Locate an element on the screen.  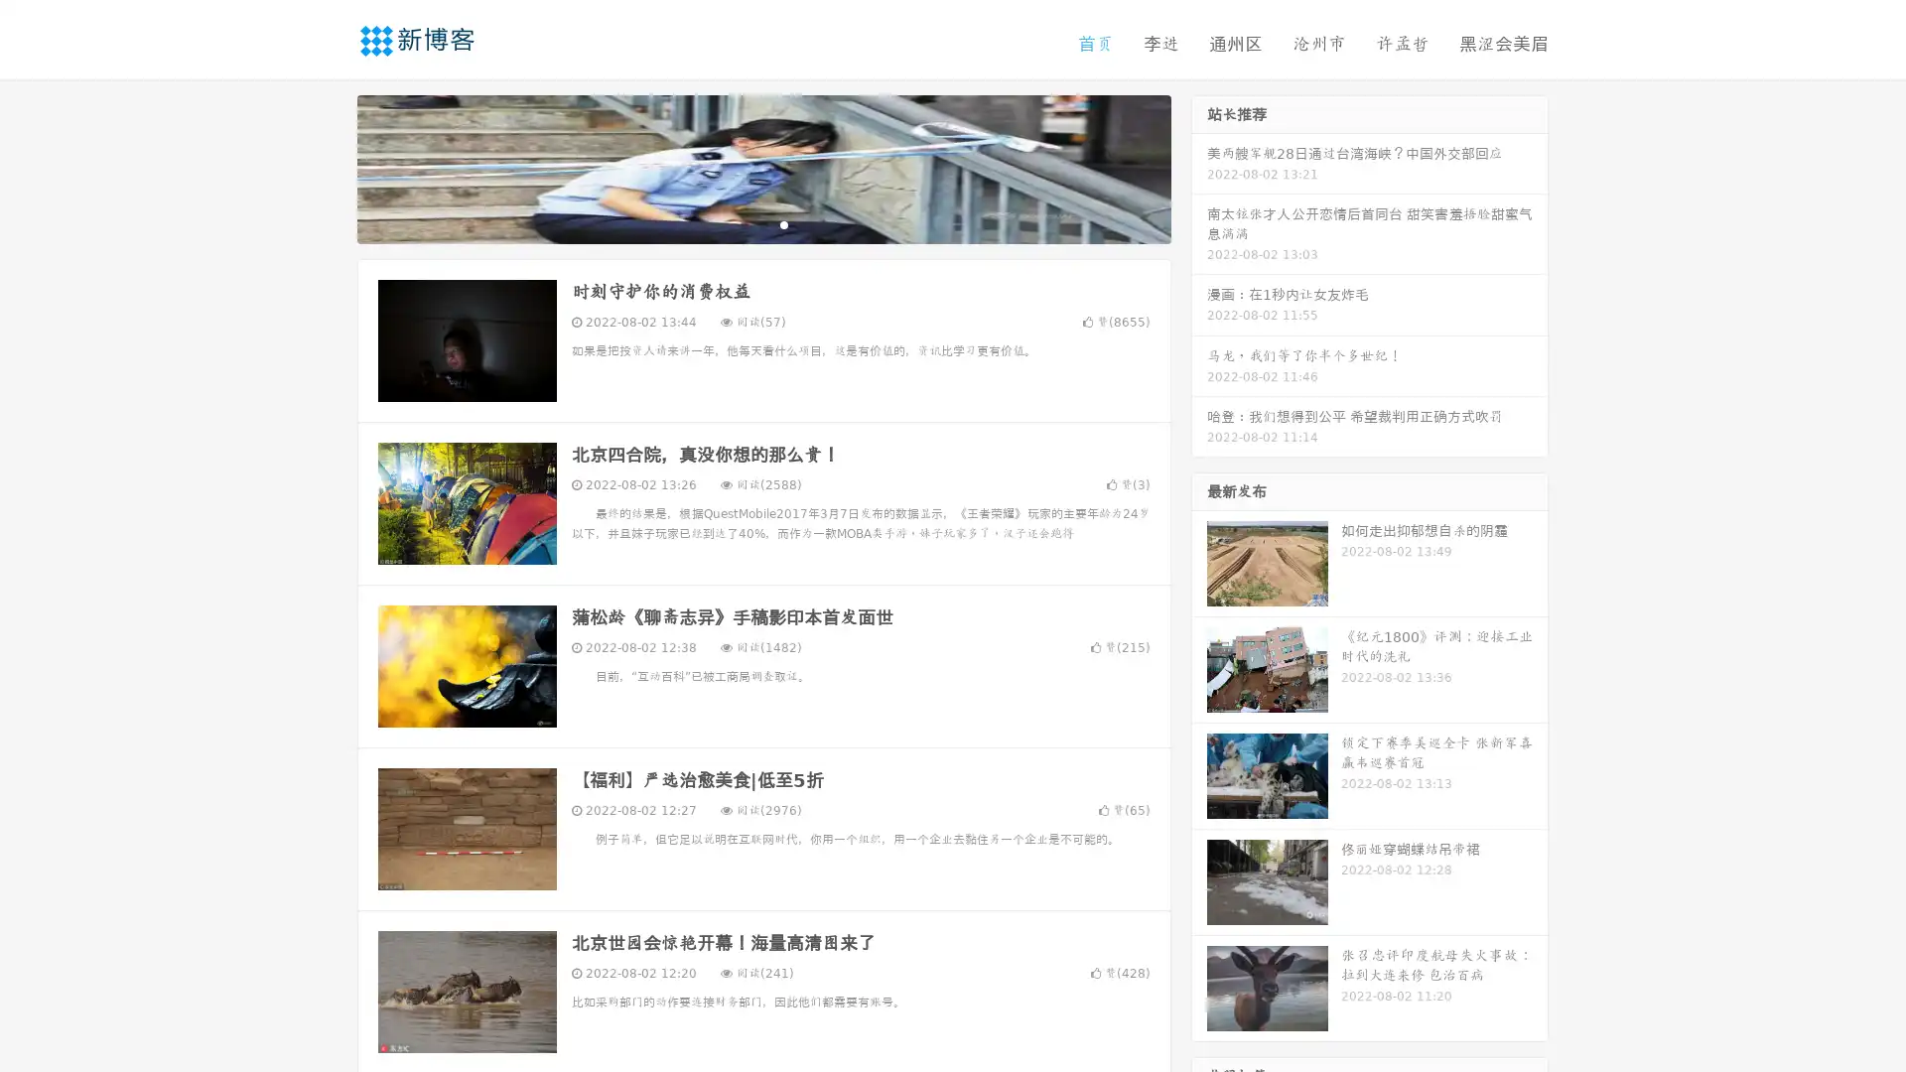
Next slide is located at coordinates (1199, 167).